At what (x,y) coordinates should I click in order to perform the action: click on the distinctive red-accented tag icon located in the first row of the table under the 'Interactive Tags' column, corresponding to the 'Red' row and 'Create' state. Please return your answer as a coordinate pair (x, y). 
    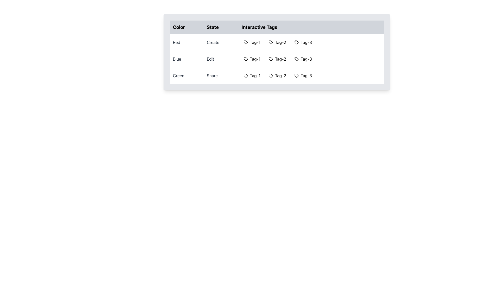
    Looking at the image, I should click on (245, 42).